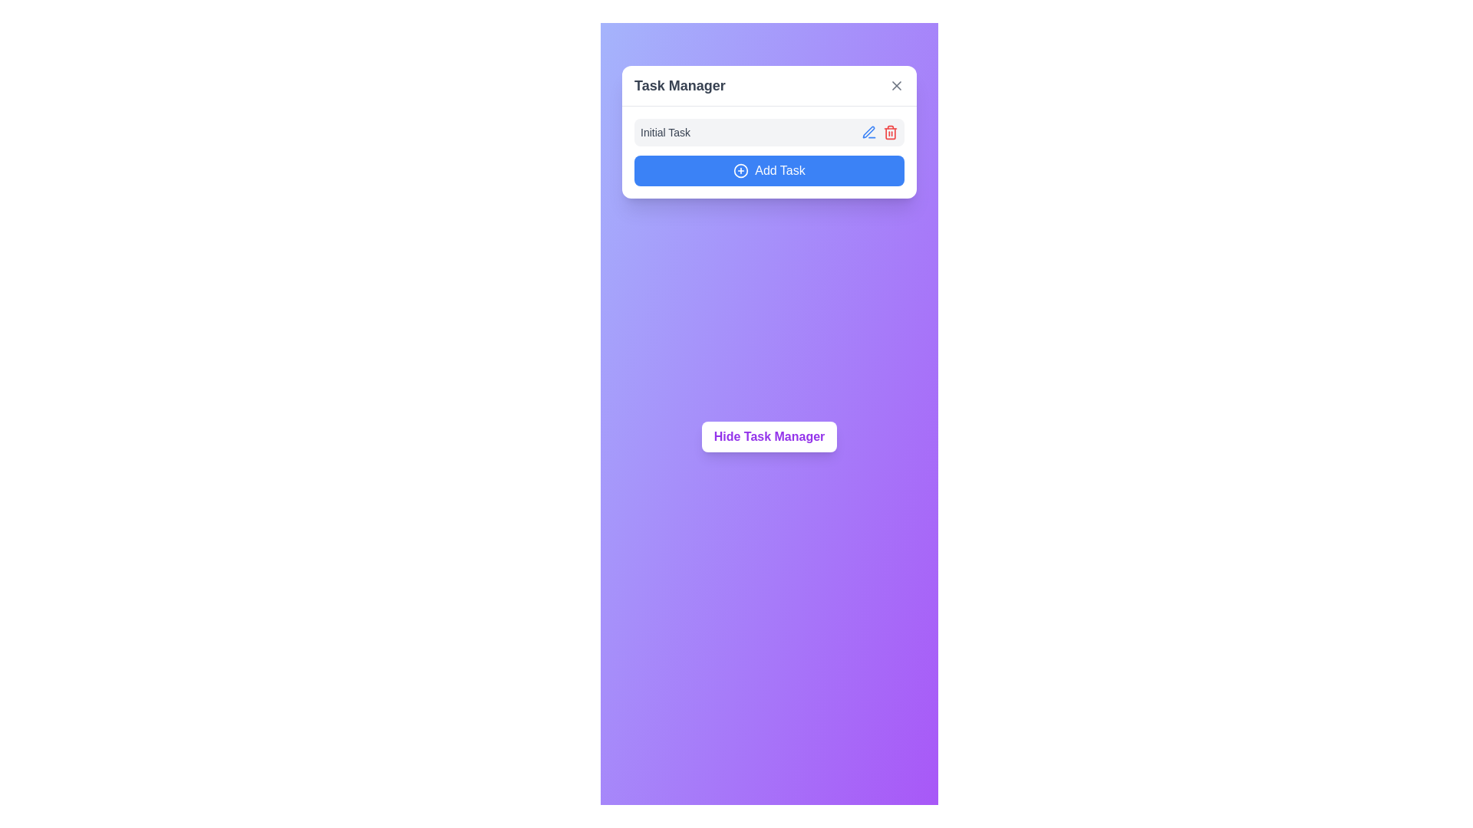 The image size is (1473, 828). I want to click on the button with rounded corners that has a white background and purple text reading 'Hide Task Manager' to change its appearance, so click(769, 437).